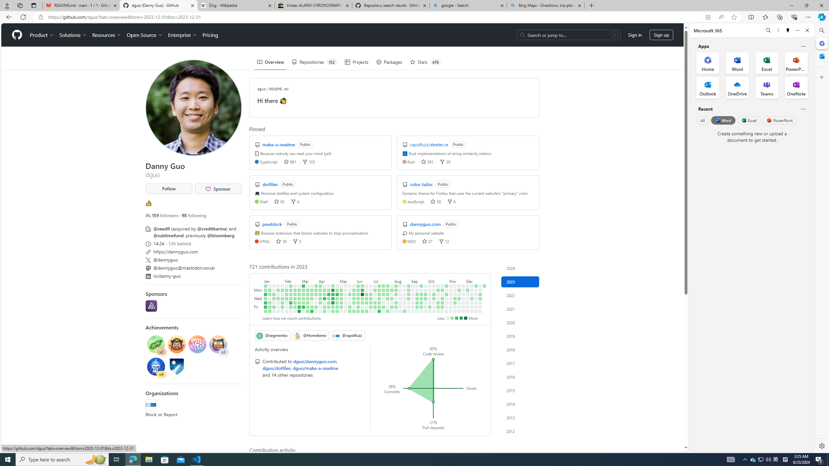  What do you see at coordinates (324, 285) in the screenshot?
I see `'No contributions on April 9th.'` at bounding box center [324, 285].